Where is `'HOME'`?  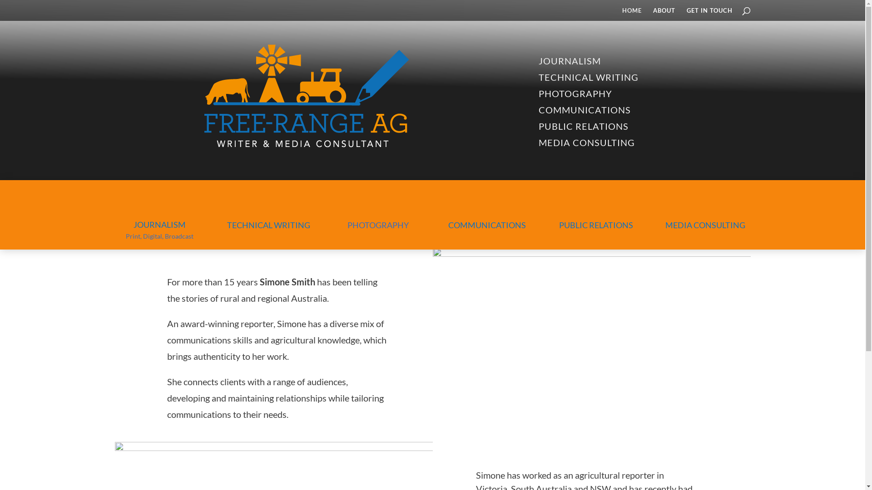 'HOME' is located at coordinates (621, 14).